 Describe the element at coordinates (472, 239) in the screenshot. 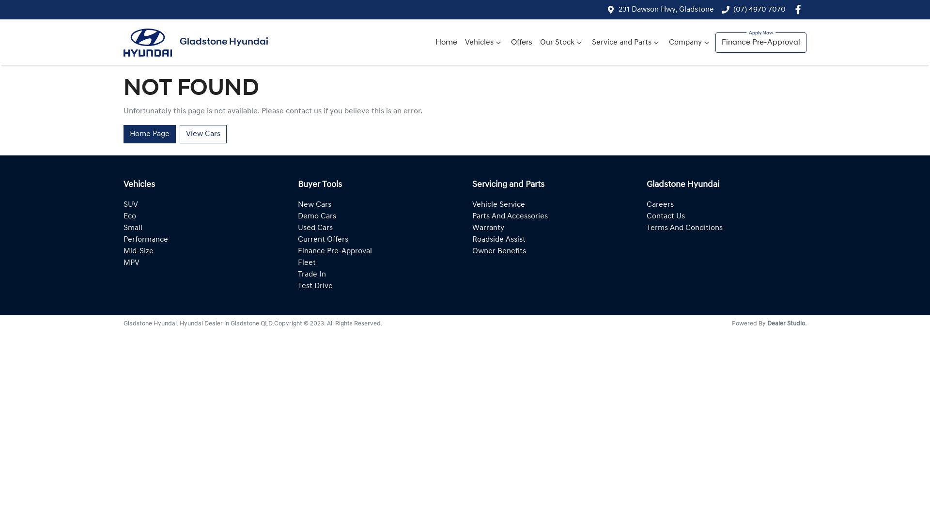

I see `'Roadside Assist'` at that location.